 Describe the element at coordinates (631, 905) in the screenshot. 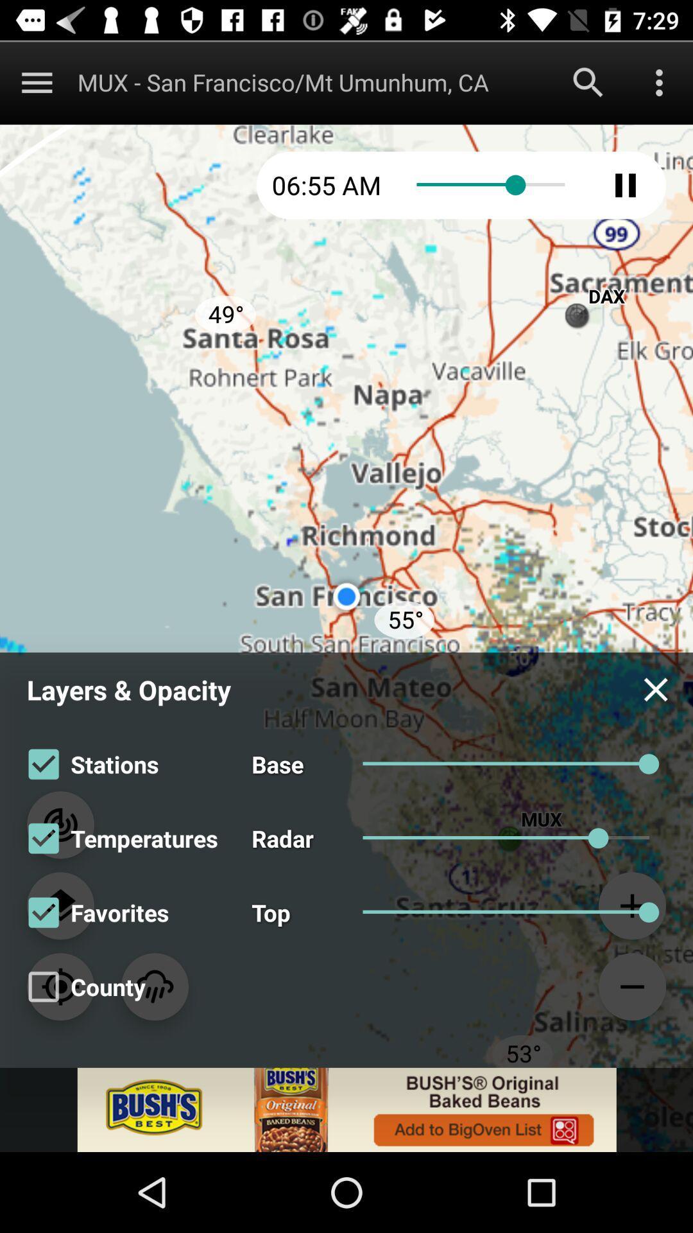

I see `the add icon` at that location.